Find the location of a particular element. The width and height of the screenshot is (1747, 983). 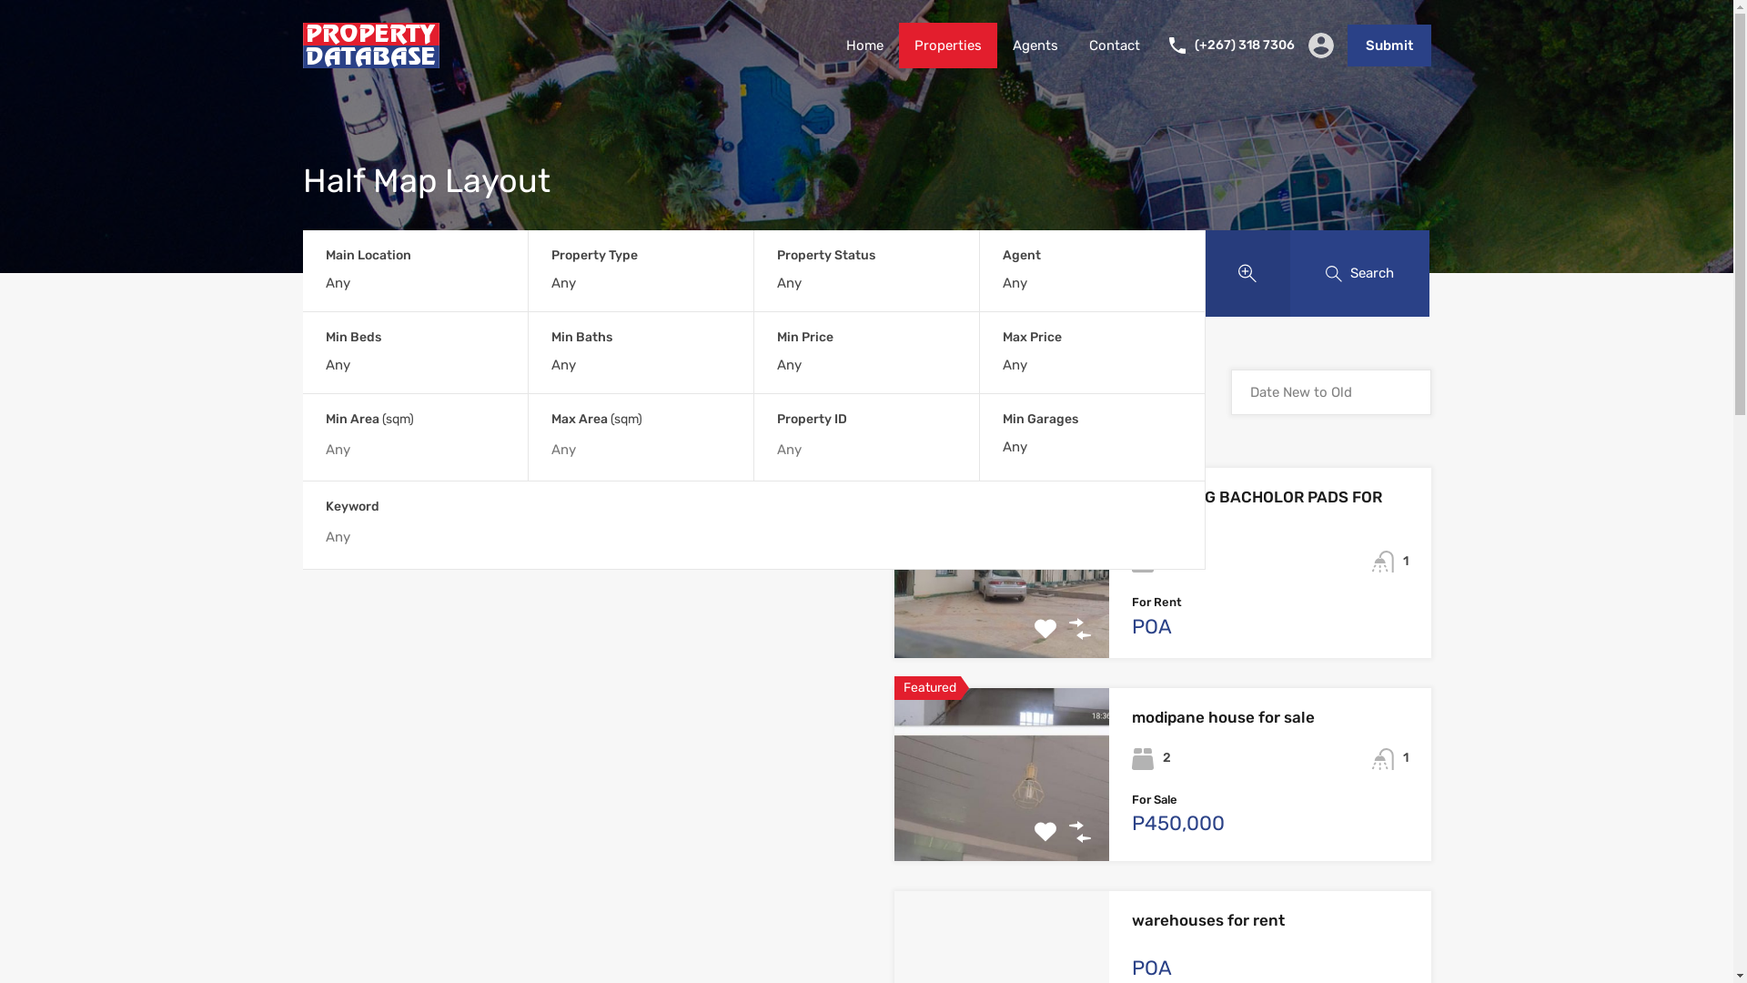

'warehouses for rent' is located at coordinates (1208, 919).